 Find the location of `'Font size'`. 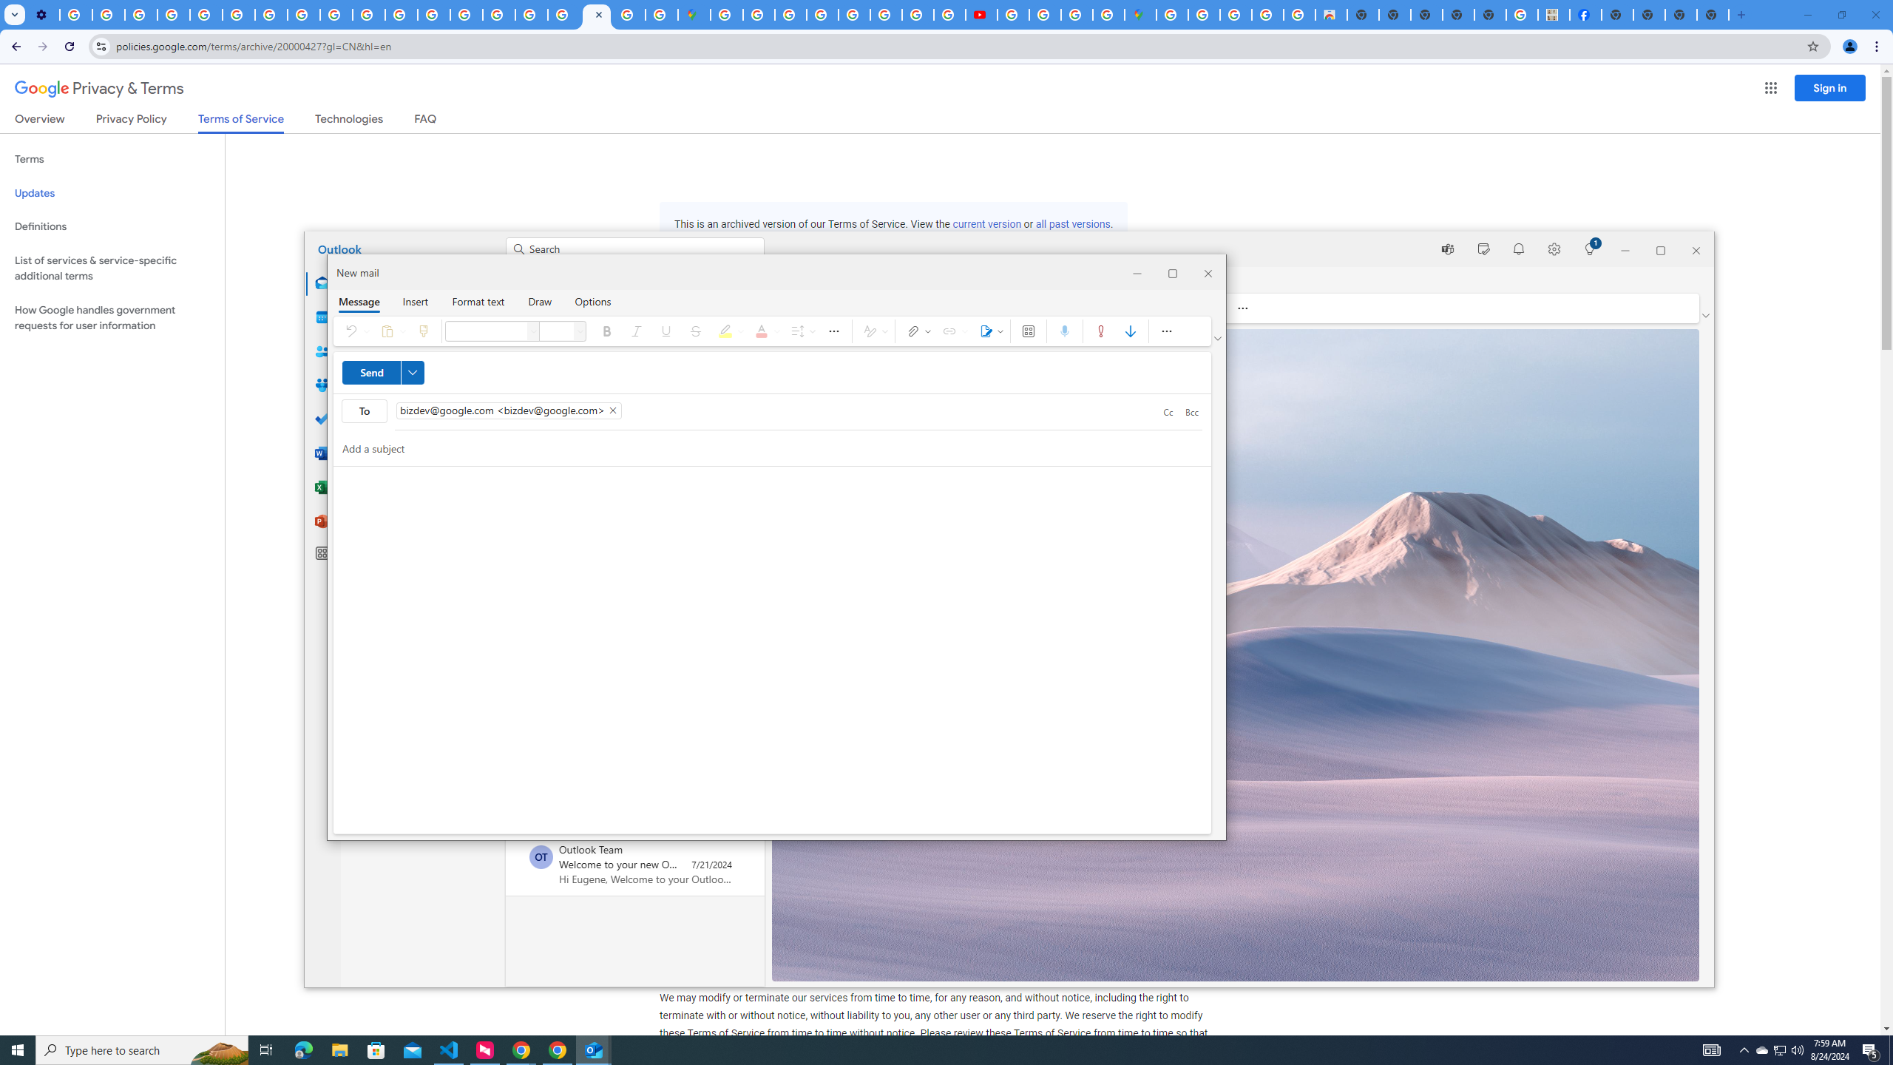

'Font size' is located at coordinates (580, 331).